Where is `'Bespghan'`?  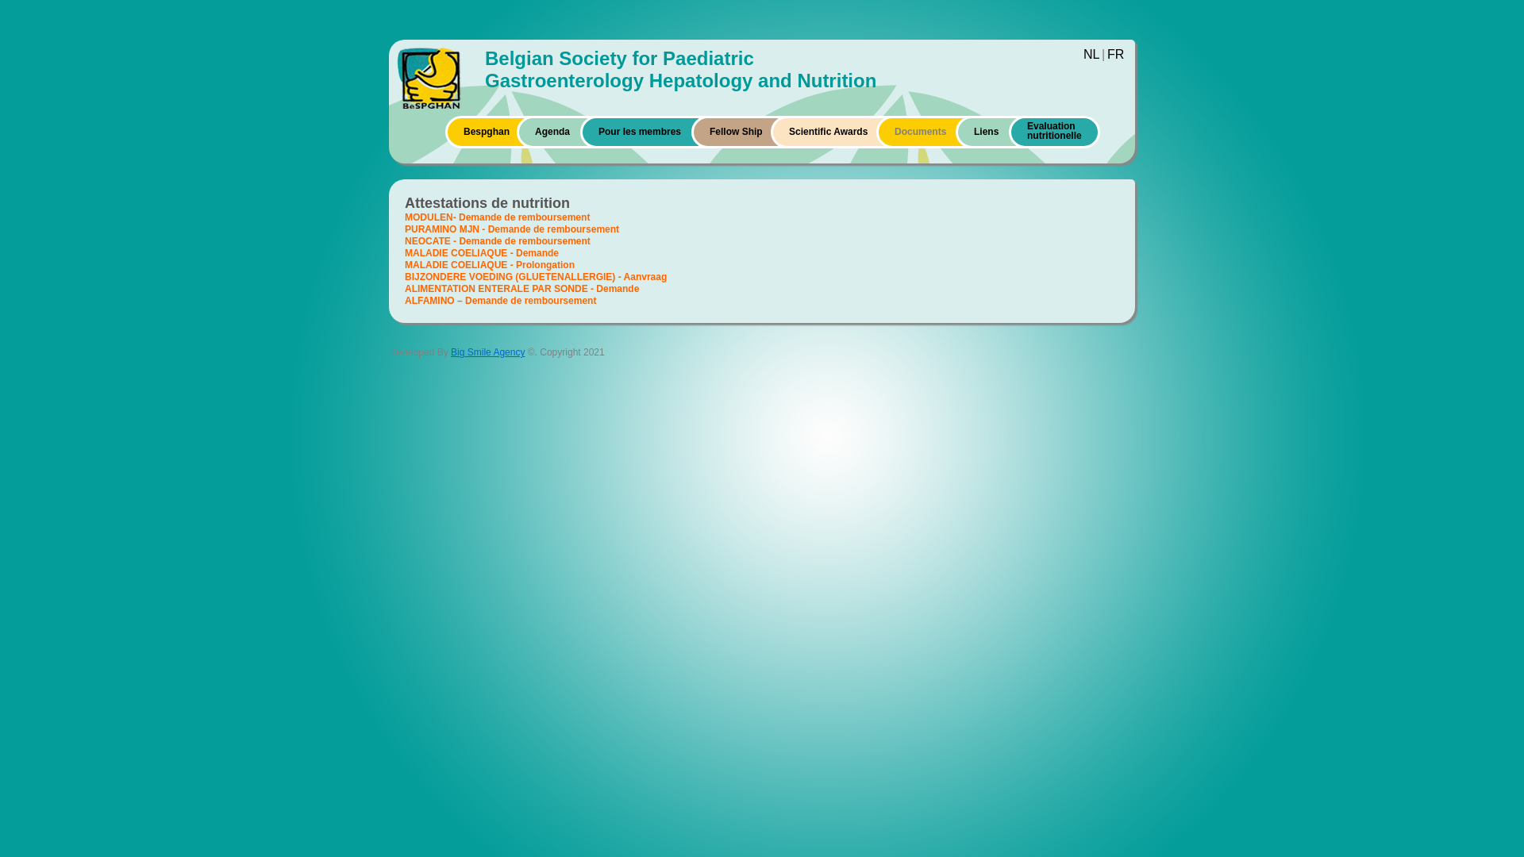 'Bespghan' is located at coordinates (486, 130).